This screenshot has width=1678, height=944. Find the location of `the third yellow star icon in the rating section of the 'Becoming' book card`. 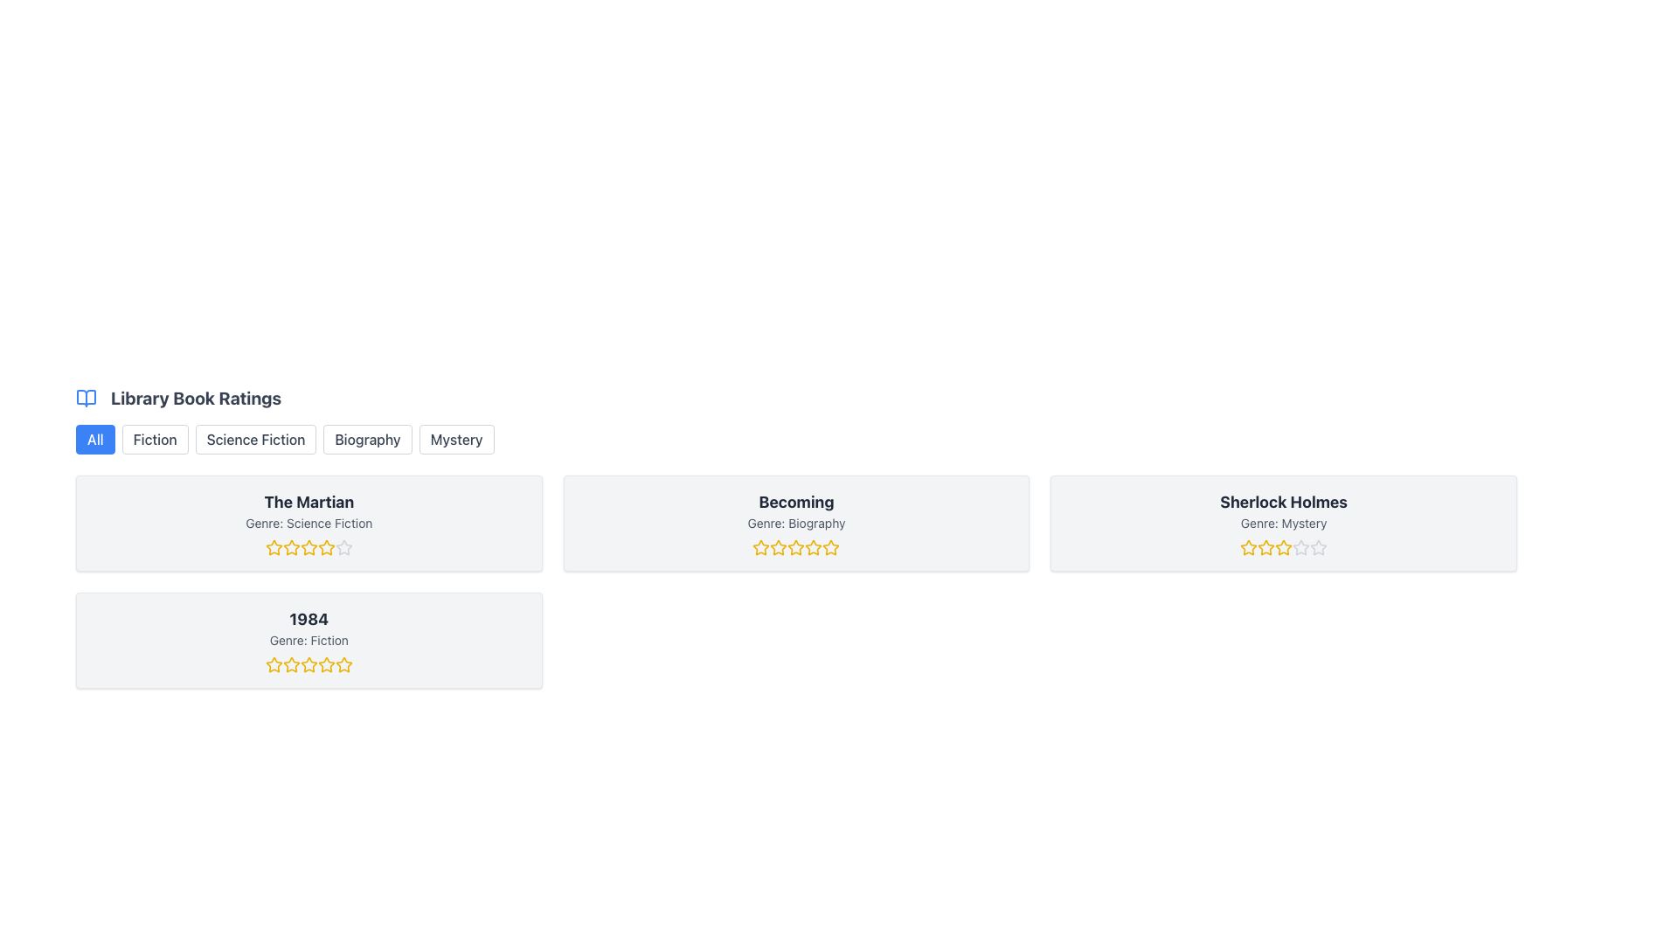

the third yellow star icon in the rating section of the 'Becoming' book card is located at coordinates (795, 546).